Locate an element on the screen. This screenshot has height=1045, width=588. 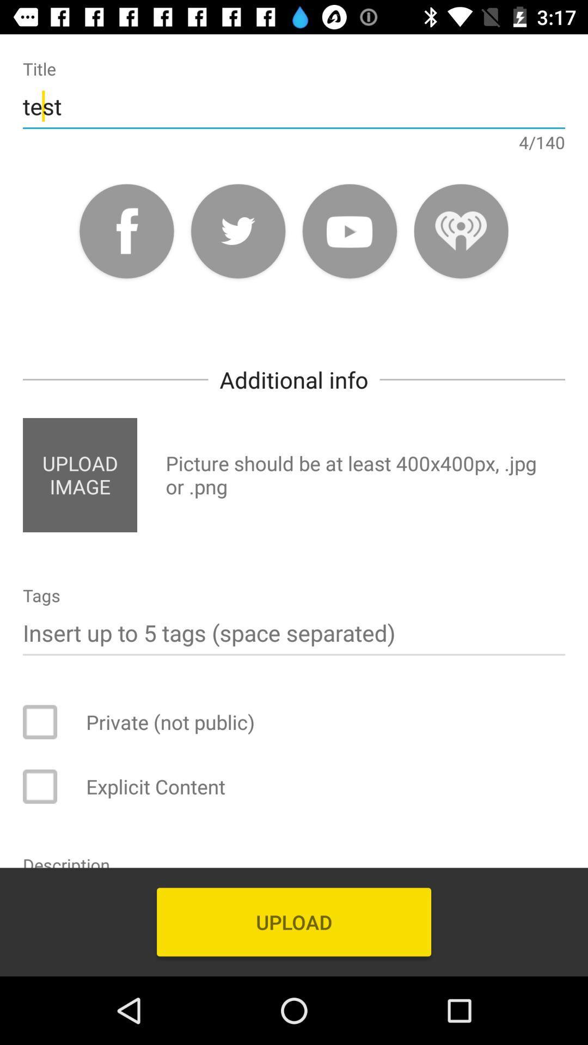
the symbol of twitter is located at coordinates (237, 230).